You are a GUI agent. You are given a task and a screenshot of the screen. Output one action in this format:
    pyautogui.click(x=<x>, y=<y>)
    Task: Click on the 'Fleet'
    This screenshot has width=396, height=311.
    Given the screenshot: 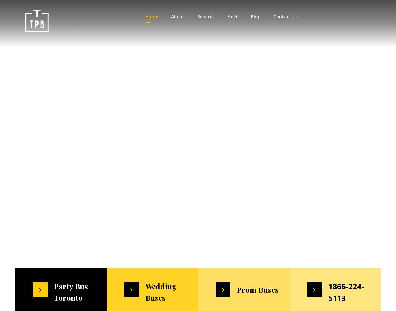 What is the action you would take?
    pyautogui.click(x=232, y=16)
    